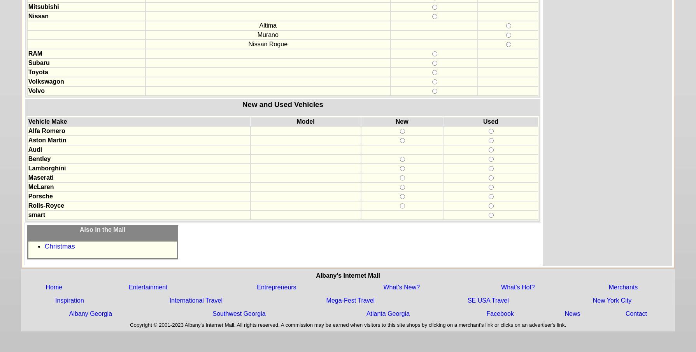  Describe the element at coordinates (350, 300) in the screenshot. I see `'Mega-Fest Travel'` at that location.